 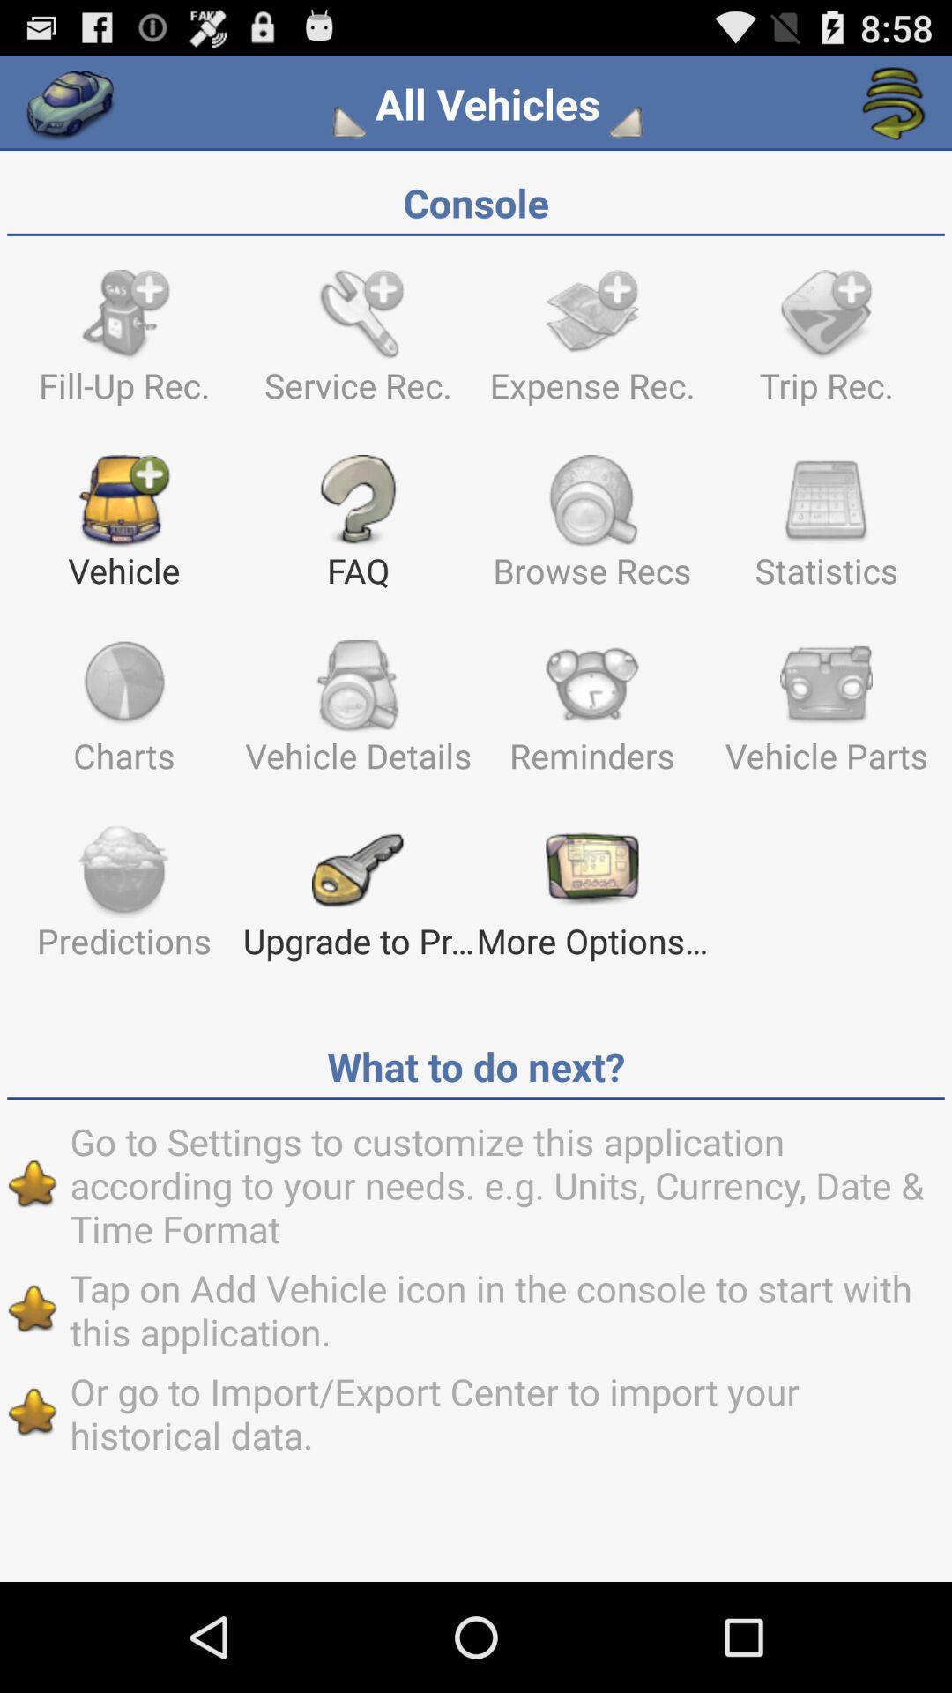 What do you see at coordinates (123, 345) in the screenshot?
I see `item below console` at bounding box center [123, 345].